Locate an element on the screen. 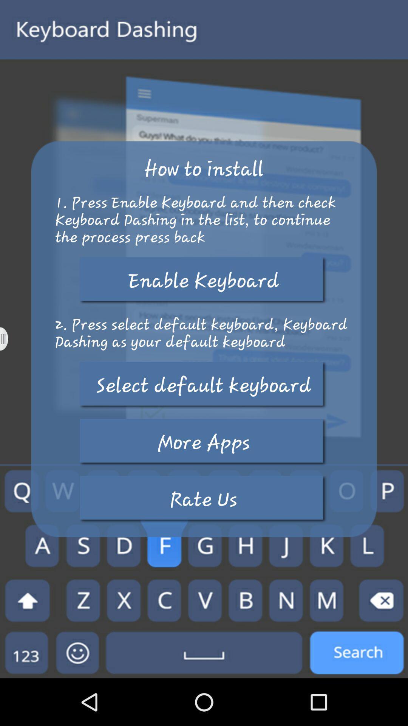 This screenshot has width=408, height=726. the icon next to the 2 press select icon is located at coordinates (9, 338).